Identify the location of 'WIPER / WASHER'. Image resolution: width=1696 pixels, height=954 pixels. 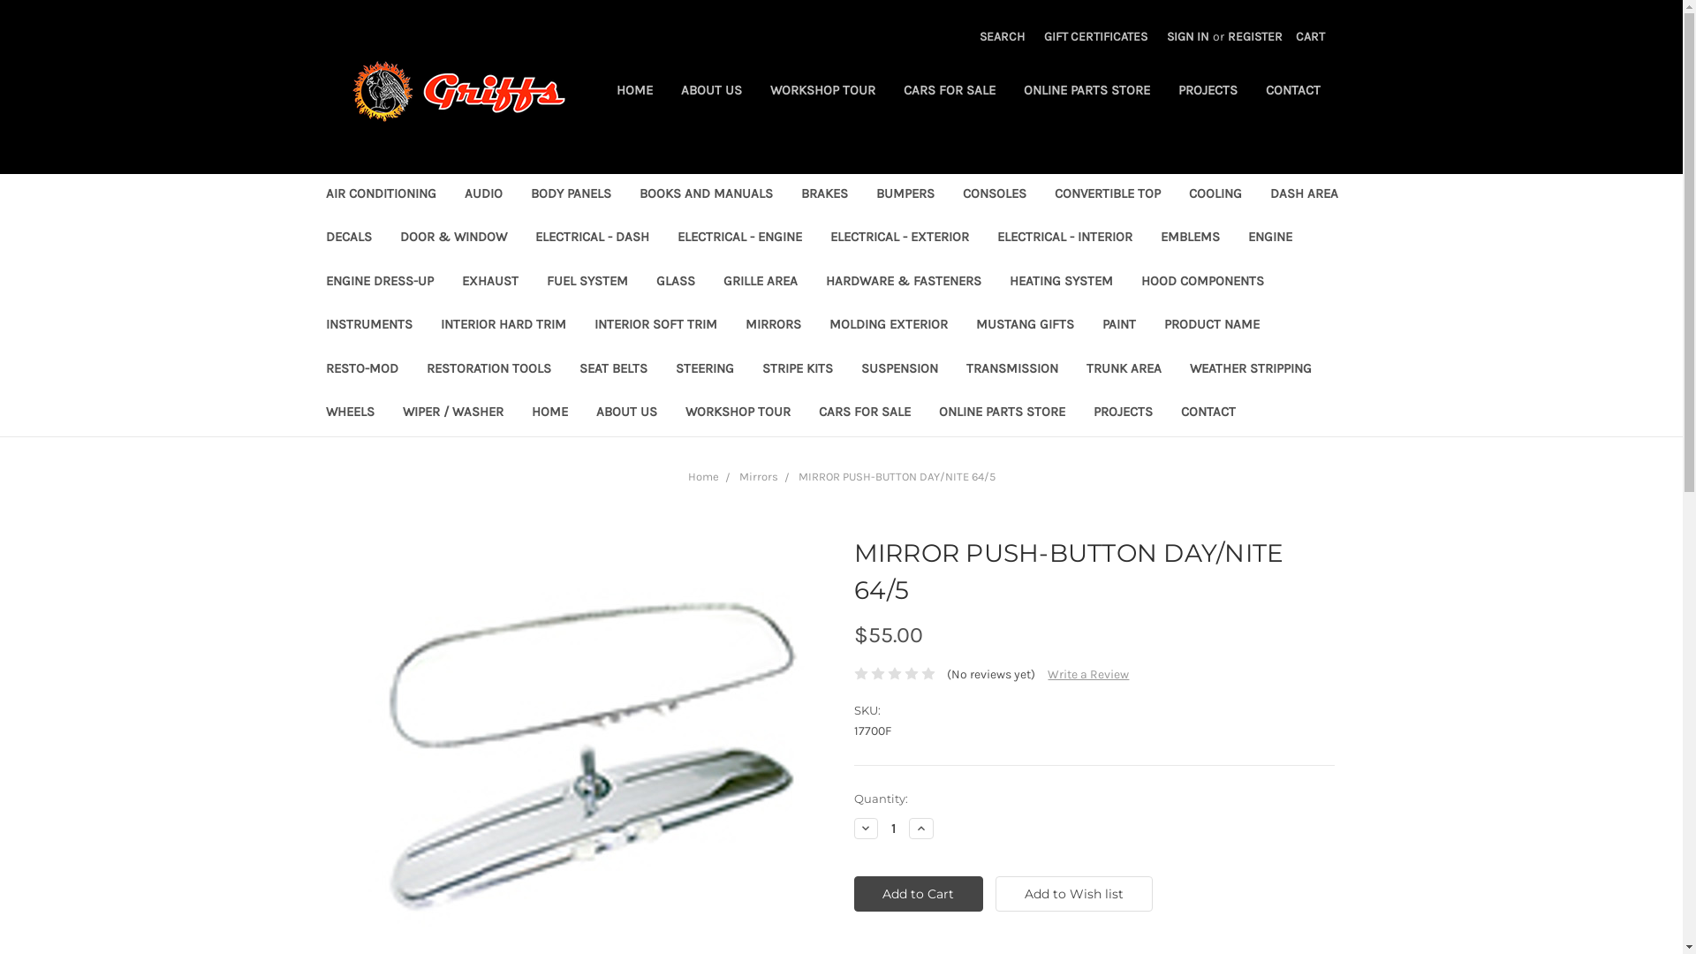
(453, 413).